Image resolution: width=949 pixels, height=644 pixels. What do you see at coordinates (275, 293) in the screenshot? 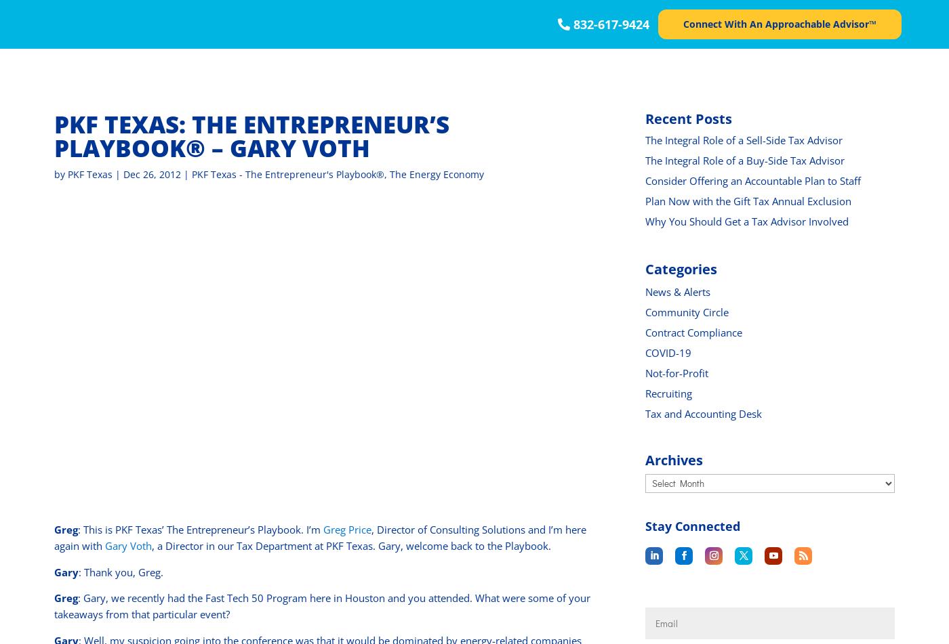
I see `'Hospitality'` at bounding box center [275, 293].